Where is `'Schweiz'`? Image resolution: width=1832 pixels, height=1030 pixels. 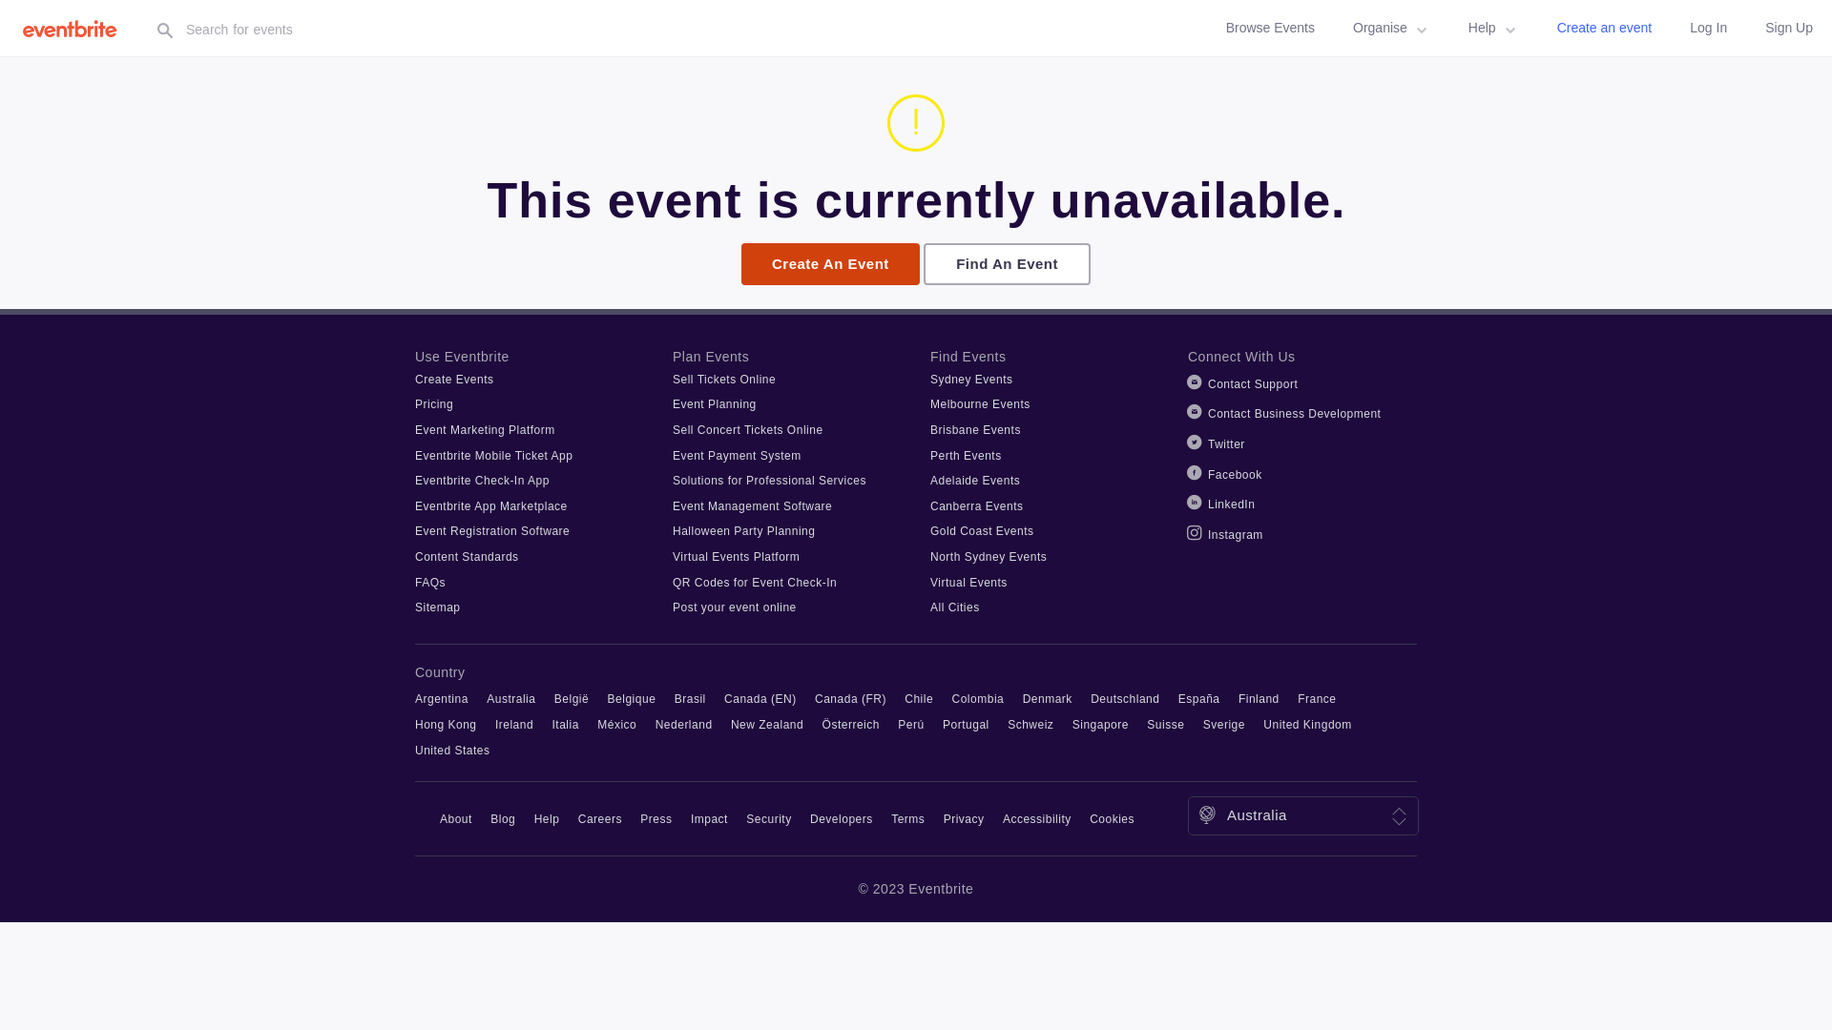 'Schweiz' is located at coordinates (1030, 724).